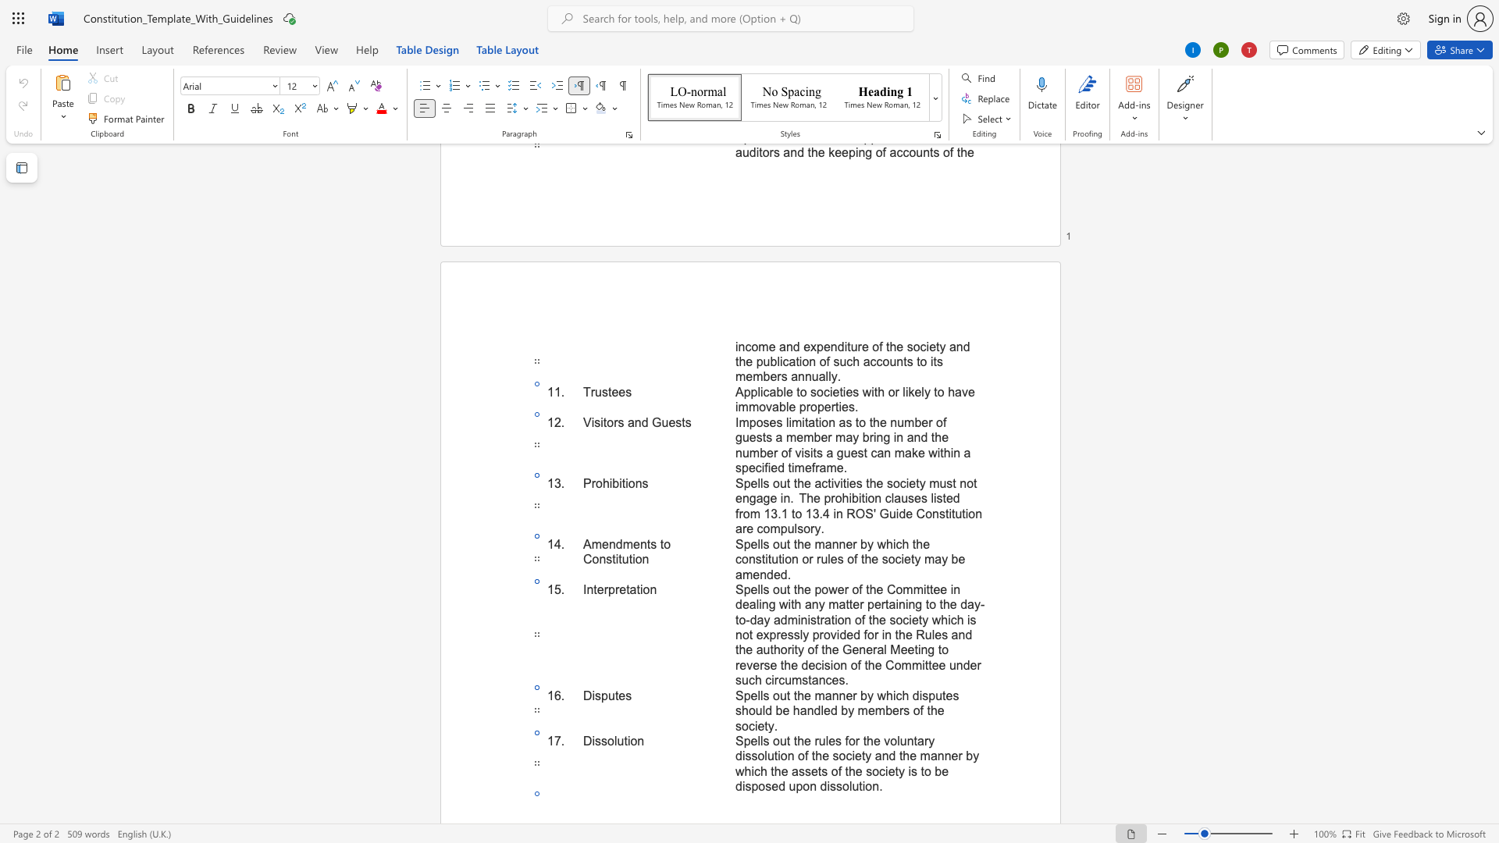 Image resolution: width=1499 pixels, height=843 pixels. What do you see at coordinates (789, 740) in the screenshot?
I see `the 1th character "t" in the text` at bounding box center [789, 740].